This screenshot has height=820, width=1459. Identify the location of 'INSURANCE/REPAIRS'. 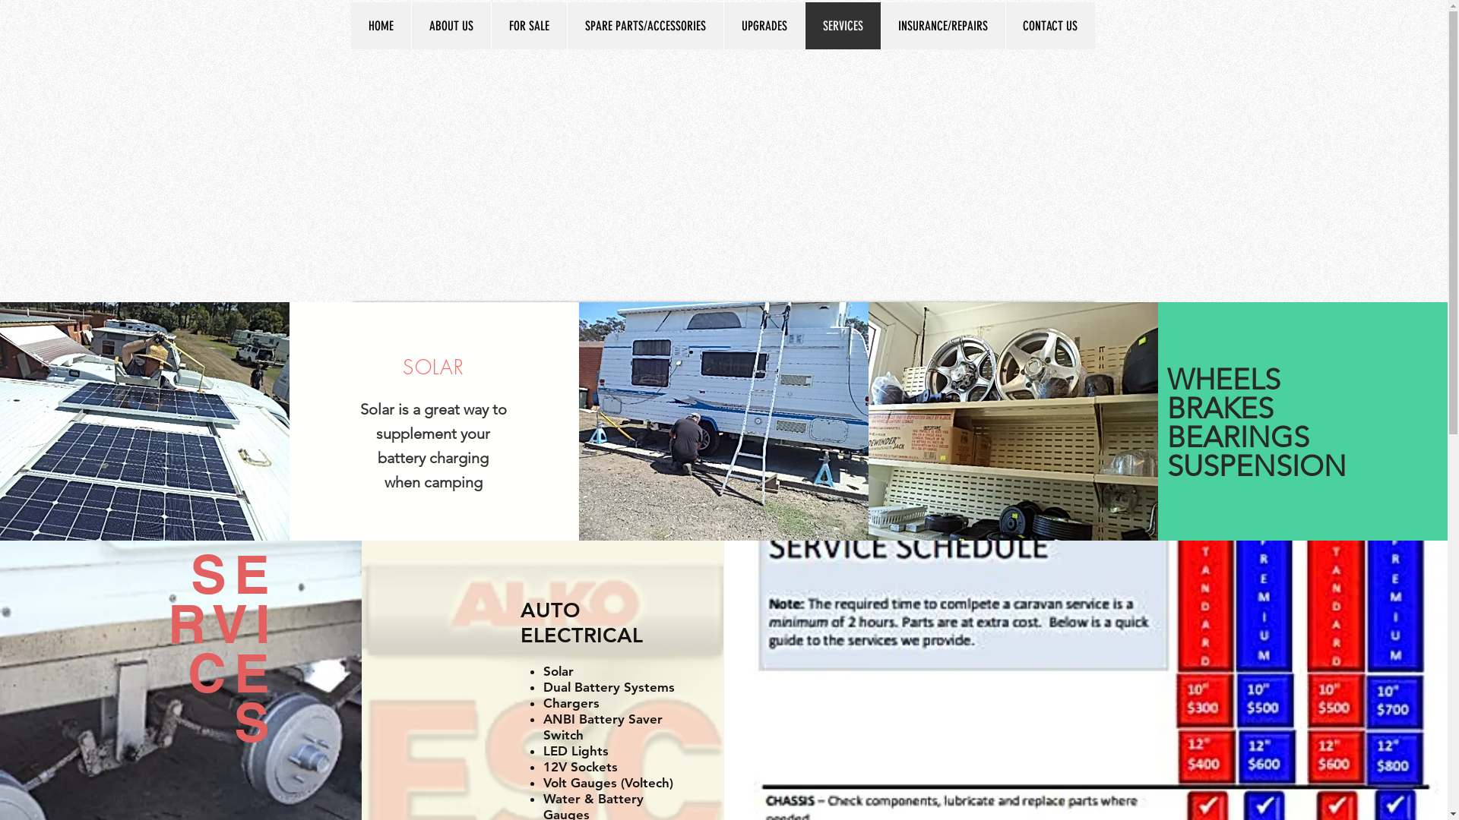
(879, 26).